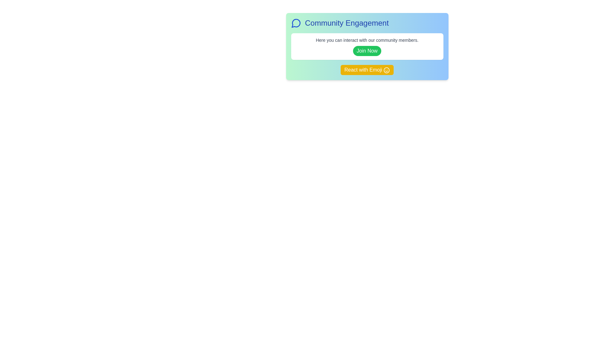 Image resolution: width=609 pixels, height=342 pixels. Describe the element at coordinates (367, 51) in the screenshot. I see `the medium-sized, rounded rectangular green button labeled 'Join Now' to change its color and highlight its interactivity` at that location.